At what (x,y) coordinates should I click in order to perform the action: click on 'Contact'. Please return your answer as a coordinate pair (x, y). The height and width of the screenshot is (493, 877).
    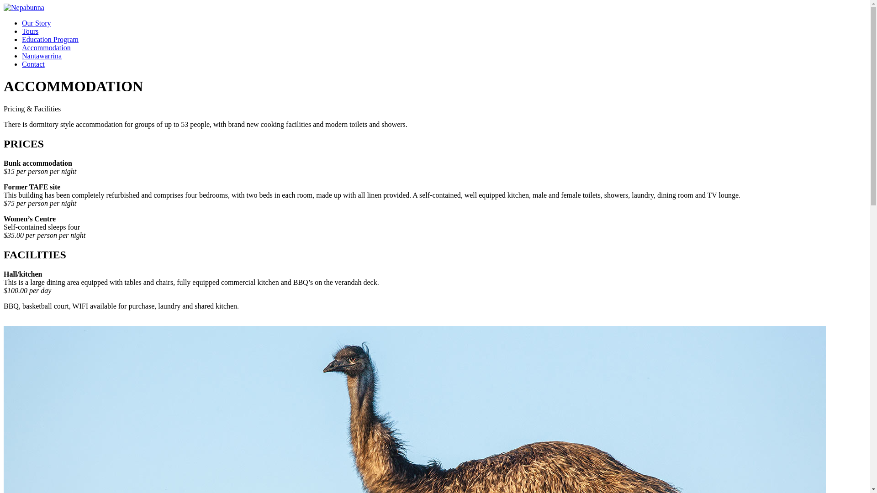
    Looking at the image, I should click on (22, 63).